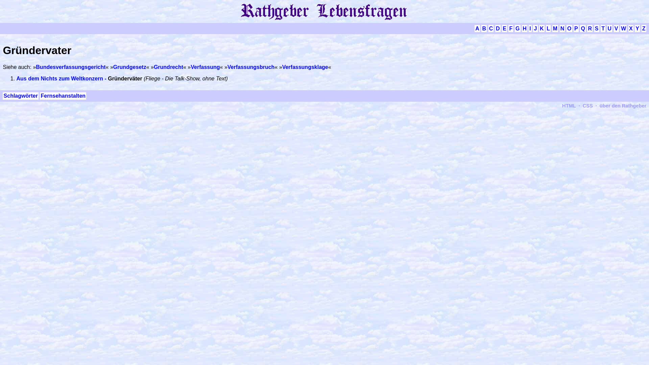 The width and height of the screenshot is (649, 365). I want to click on 'B', so click(483, 28).